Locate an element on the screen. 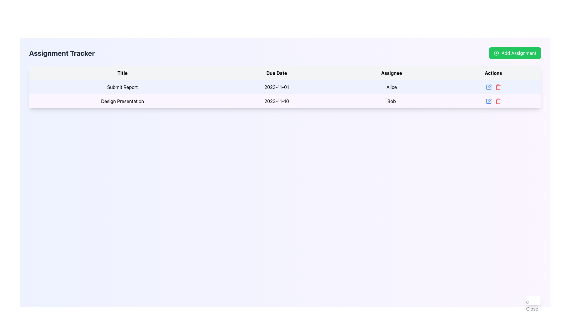  the second row in the Assignment Tracker table, which has a light purple background and contains the text 'Design Presentation' is located at coordinates (285, 101).